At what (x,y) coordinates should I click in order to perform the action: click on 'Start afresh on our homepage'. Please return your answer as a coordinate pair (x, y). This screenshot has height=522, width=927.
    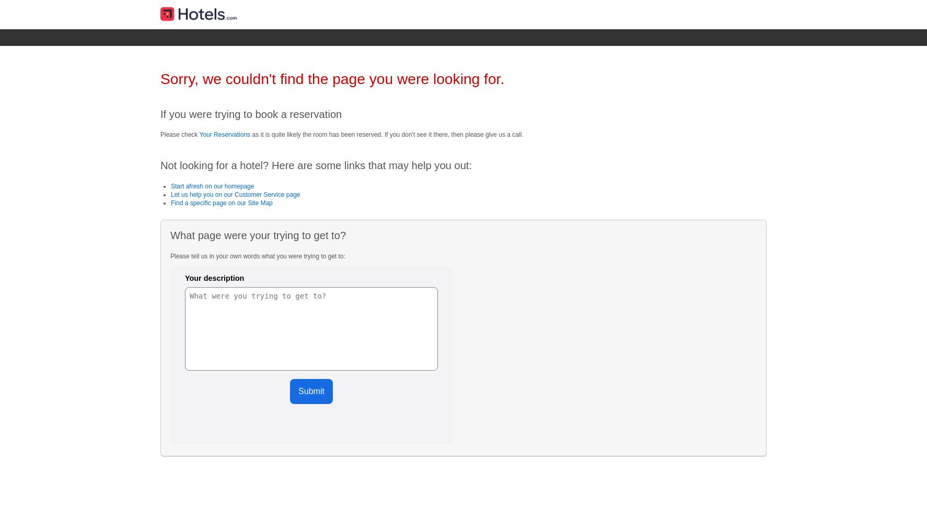
    Looking at the image, I should click on (212, 185).